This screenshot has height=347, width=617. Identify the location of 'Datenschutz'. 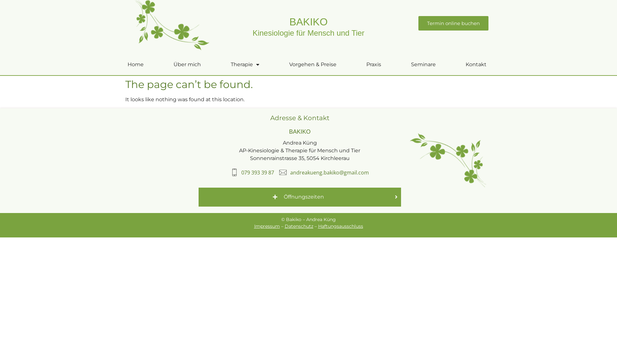
(299, 226).